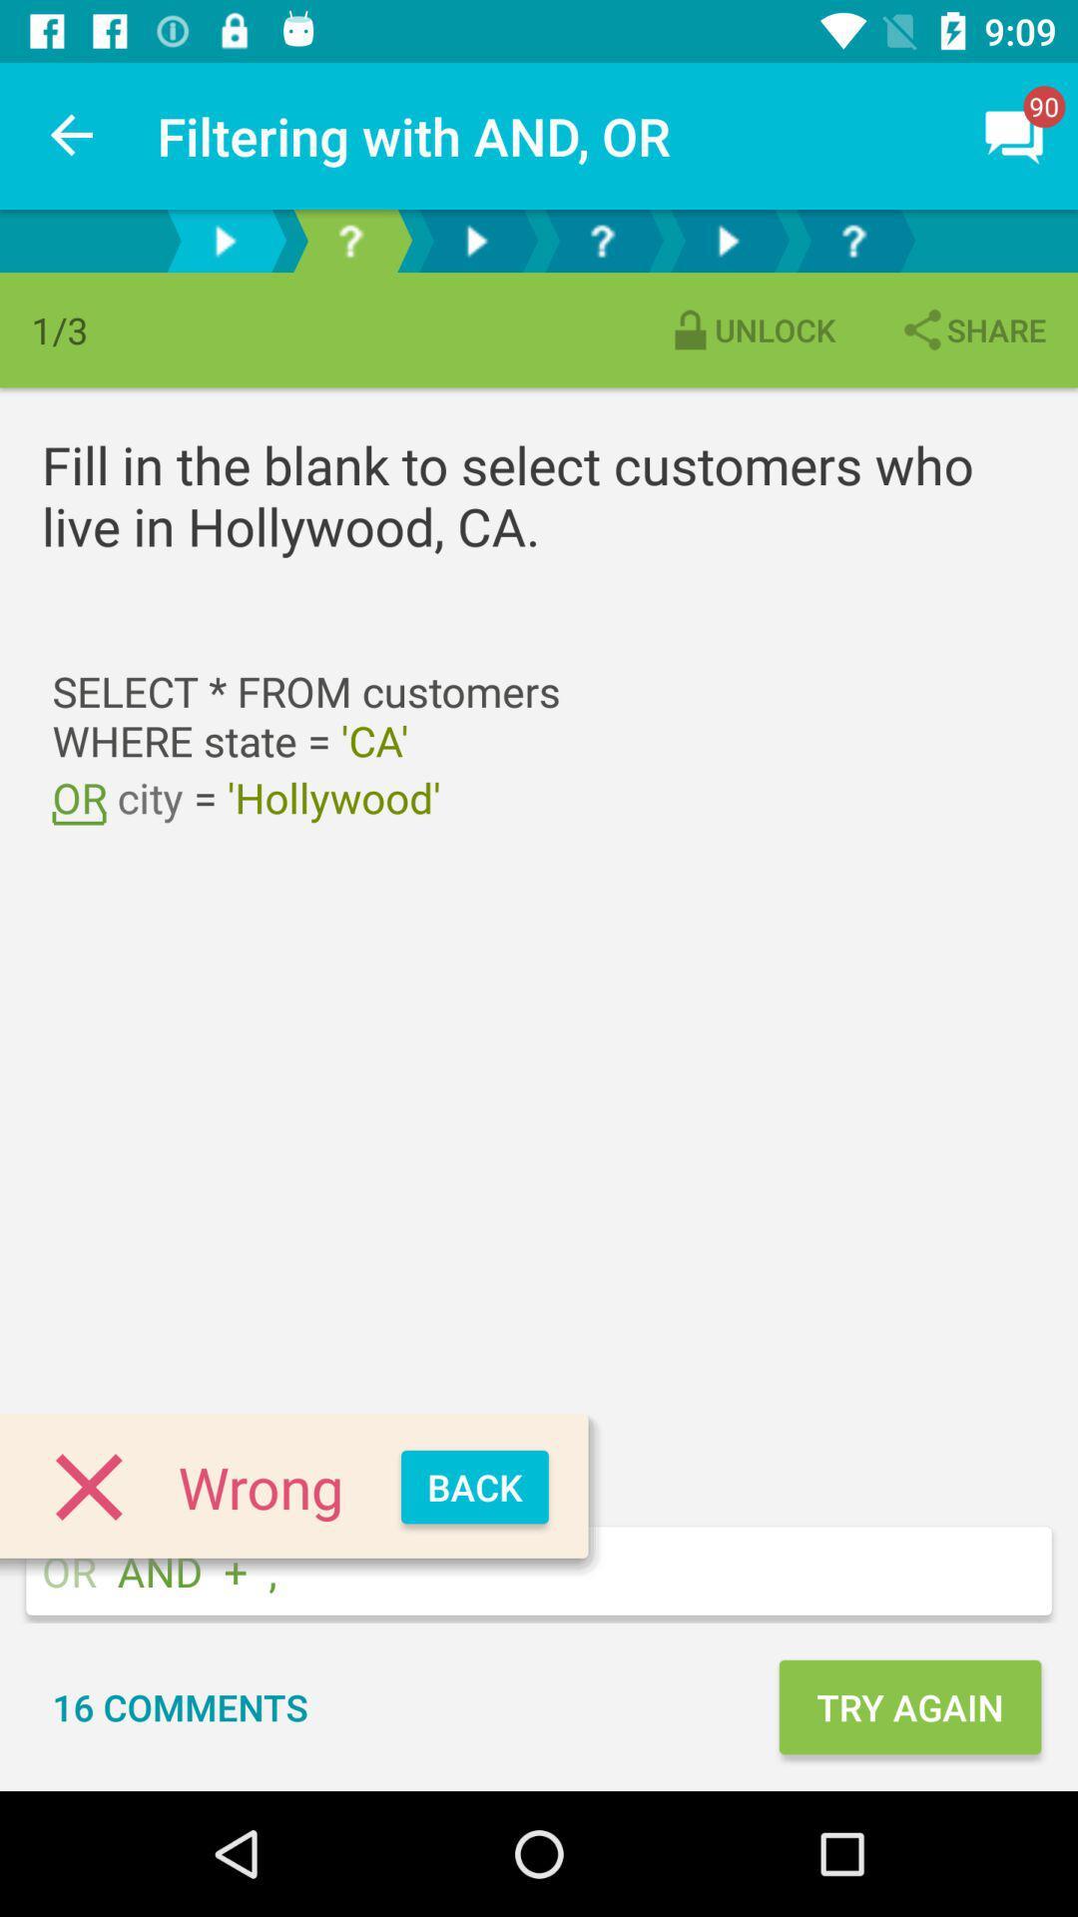 The width and height of the screenshot is (1078, 1917). I want to click on go forward, so click(728, 240).